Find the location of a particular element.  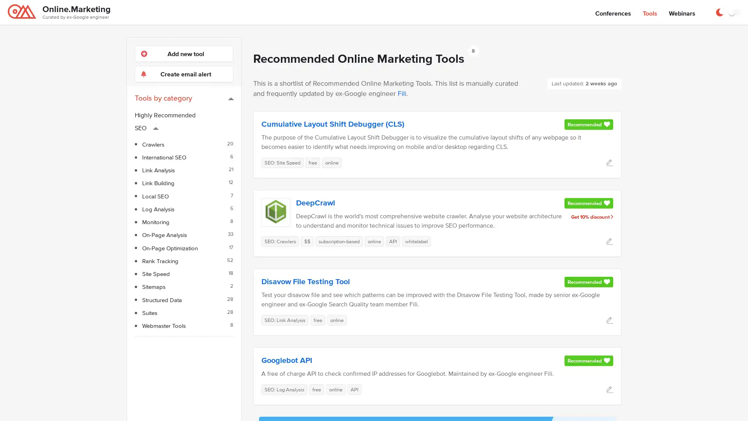

online is located at coordinates (332, 162).